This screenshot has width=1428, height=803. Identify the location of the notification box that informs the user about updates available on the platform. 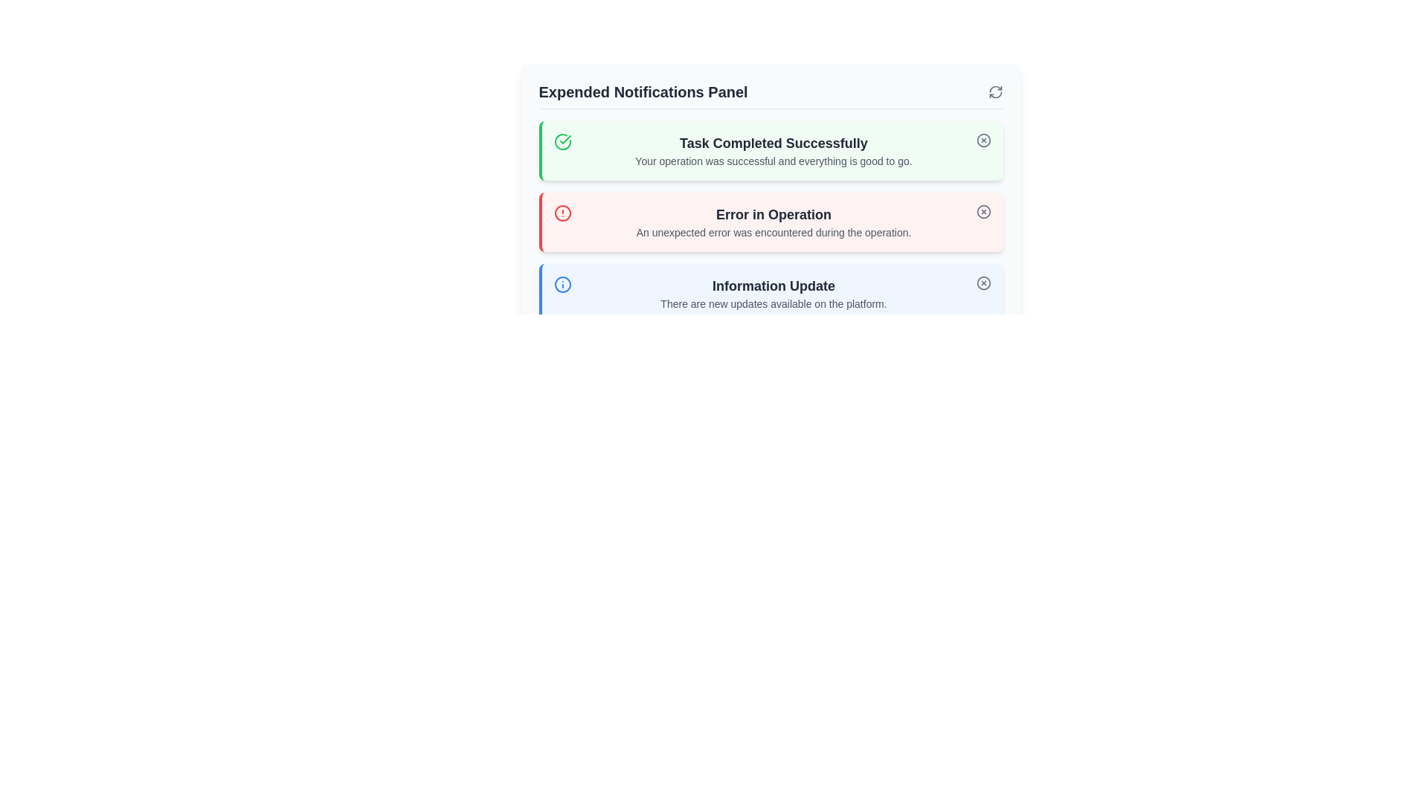
(771, 293).